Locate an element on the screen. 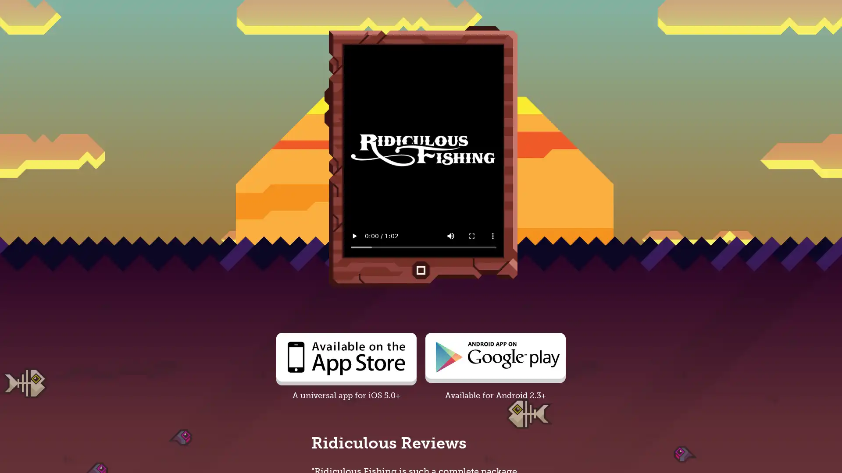 The width and height of the screenshot is (842, 473). mute is located at coordinates (450, 236).